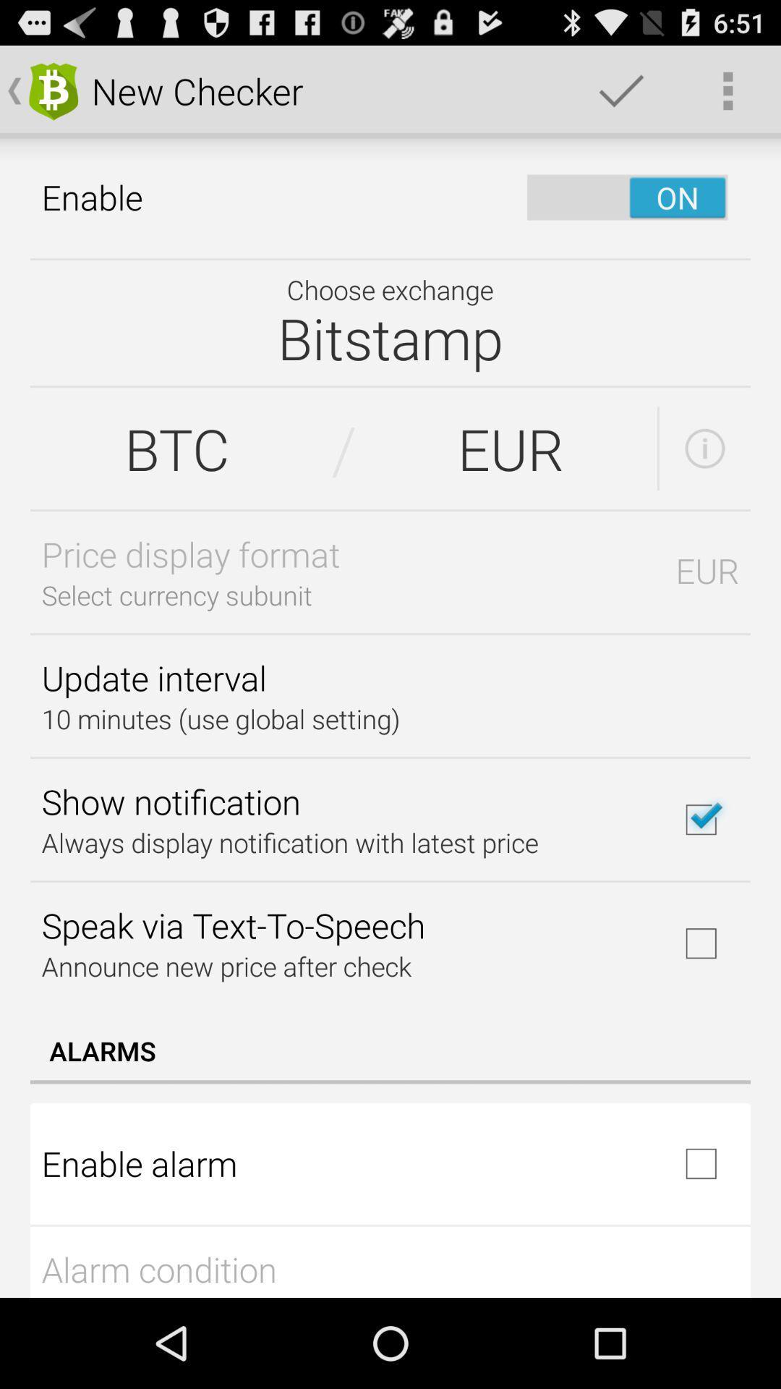 The height and width of the screenshot is (1389, 781). I want to click on the info icon, so click(704, 480).